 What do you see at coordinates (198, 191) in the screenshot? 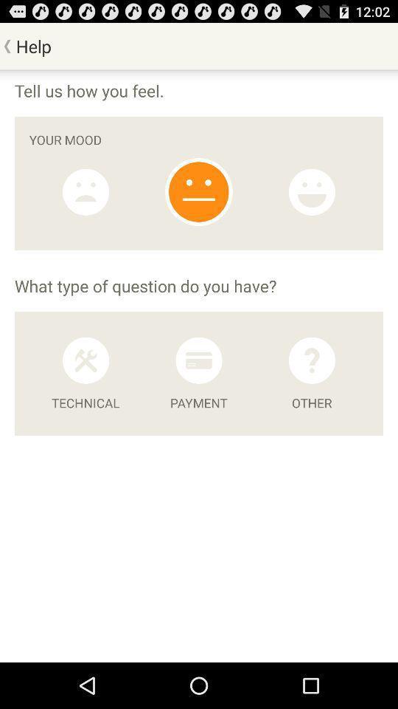
I see `emoji` at bounding box center [198, 191].